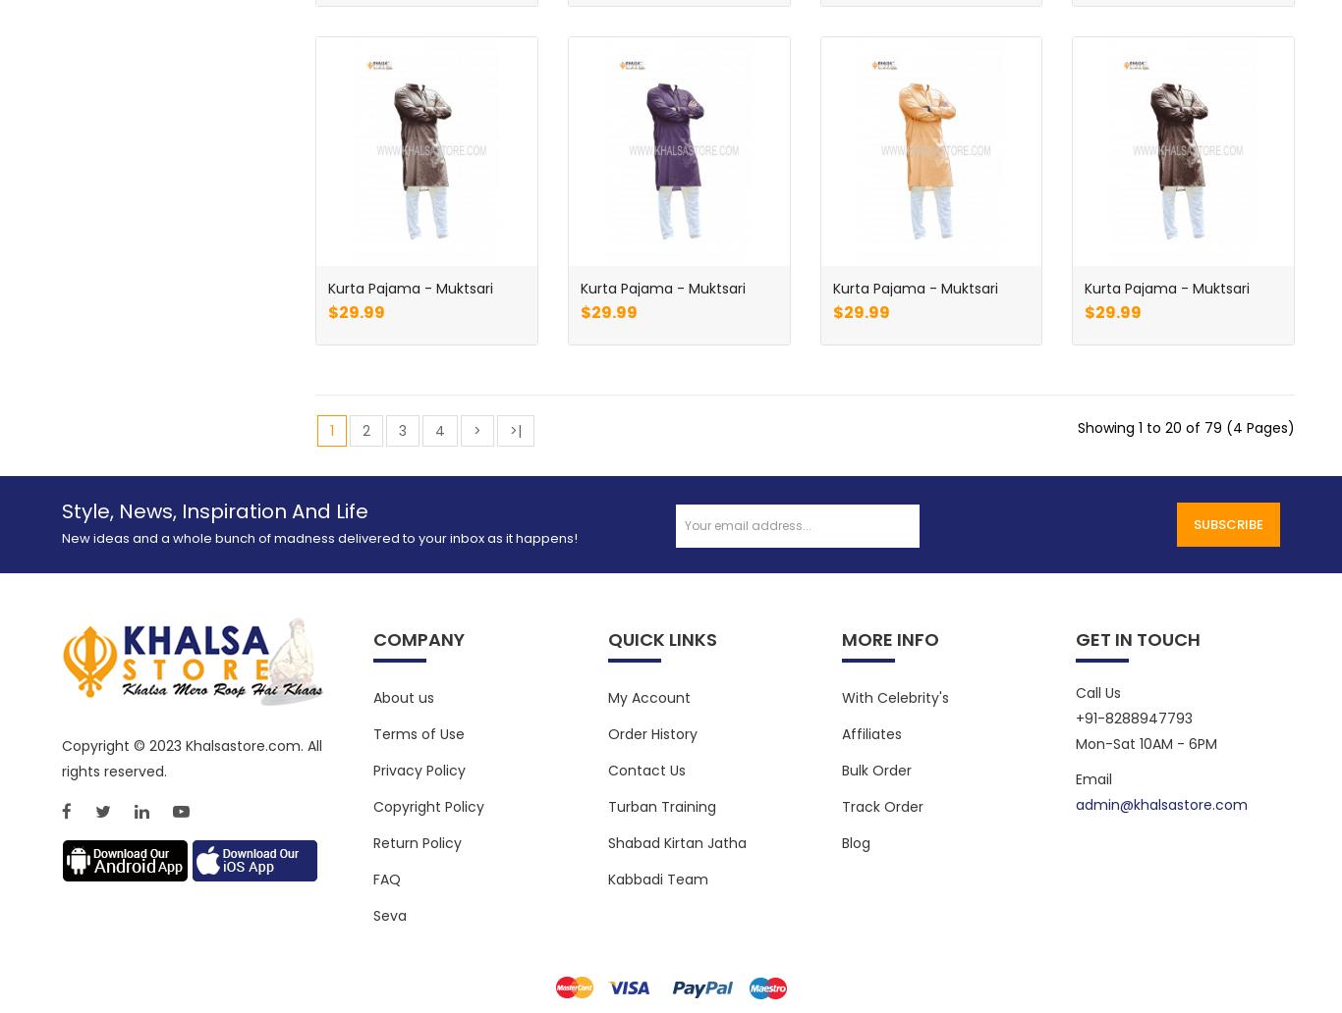 The height and width of the screenshot is (1013, 1342). Describe the element at coordinates (372, 879) in the screenshot. I see `'FAQ'` at that location.